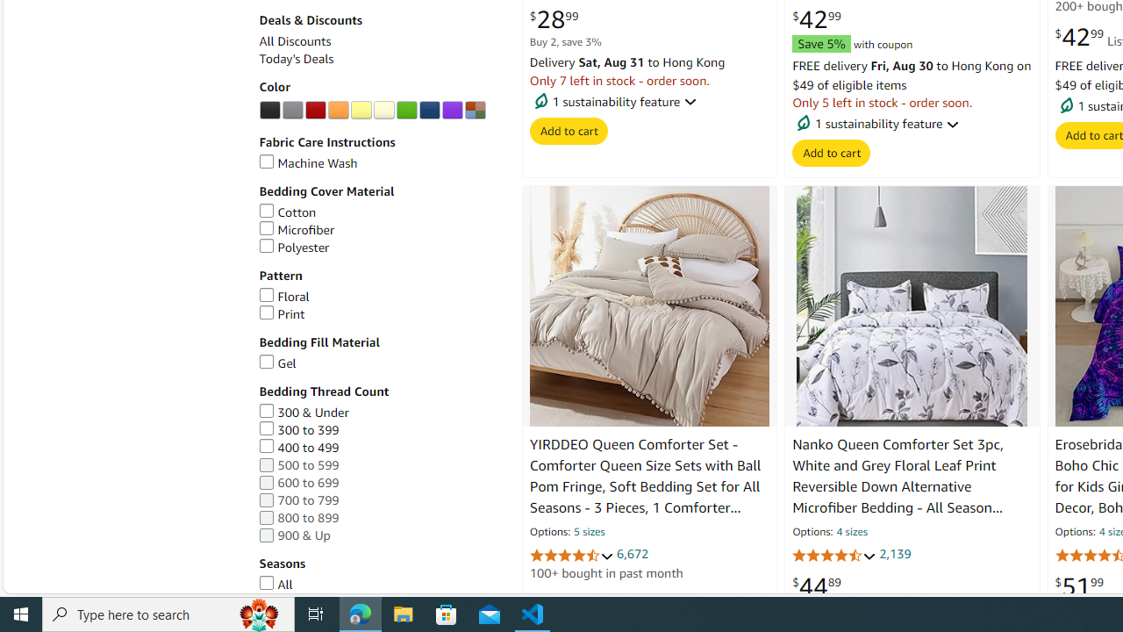 Image resolution: width=1123 pixels, height=632 pixels. I want to click on '4 sizes', so click(851, 532).